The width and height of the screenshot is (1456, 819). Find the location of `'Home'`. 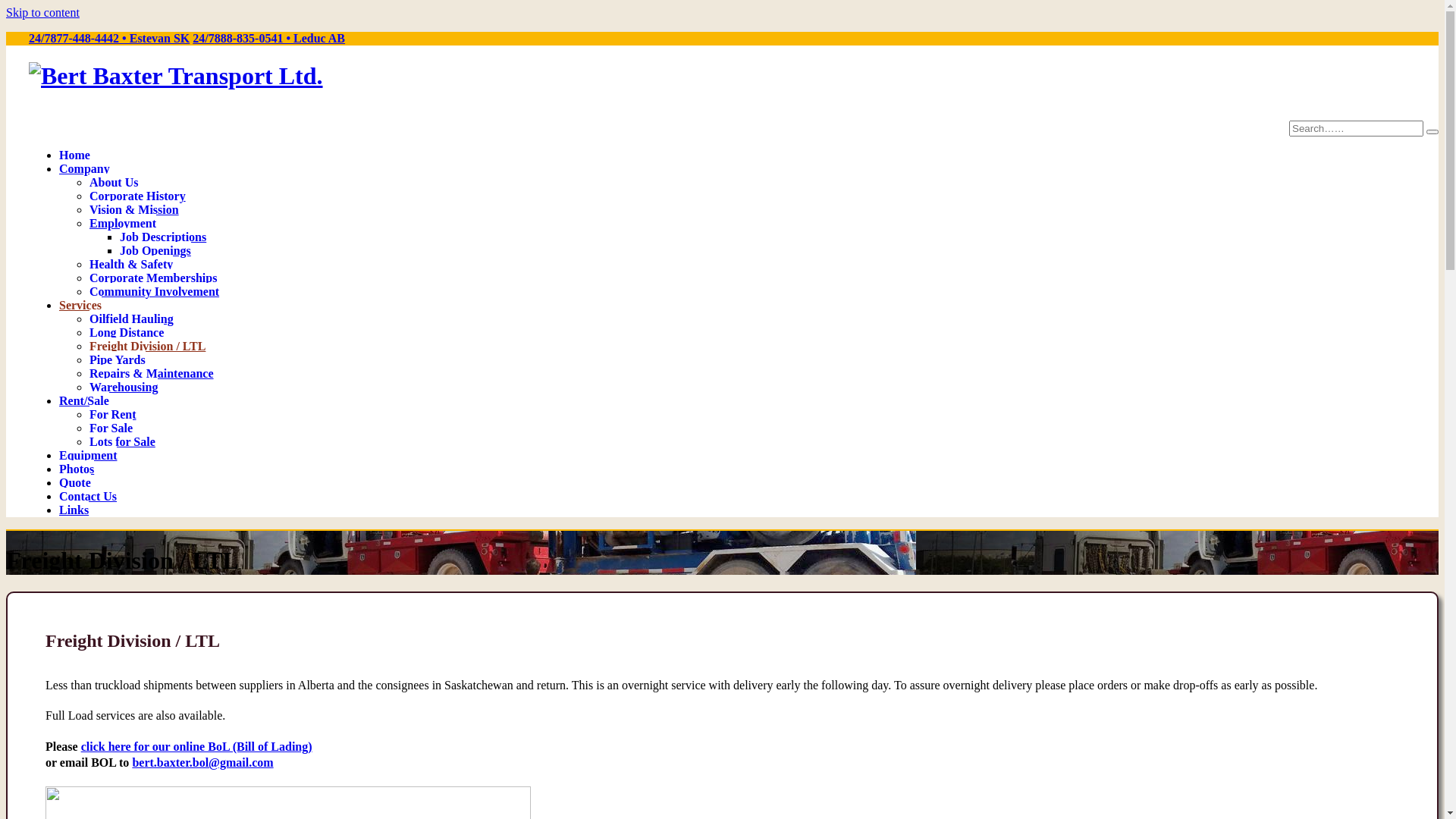

'Home' is located at coordinates (58, 154).